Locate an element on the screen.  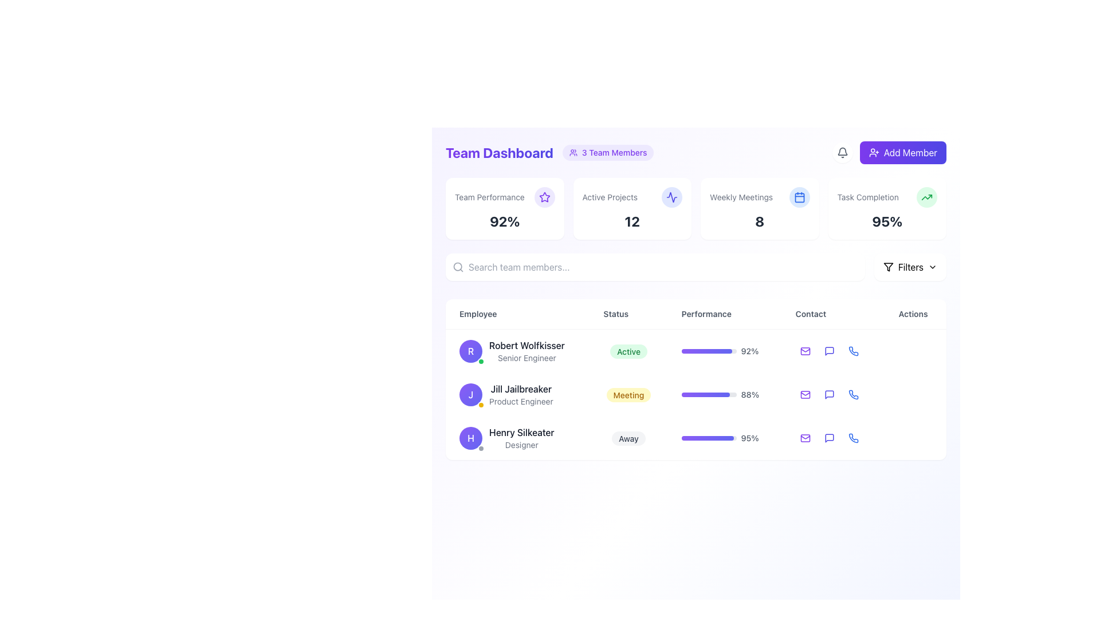
the 'Designer' text label located in the 'Employee' section, which is styled in a small, gray font and positioned directly beneath 'Henry Silkeater' is located at coordinates (521, 445).